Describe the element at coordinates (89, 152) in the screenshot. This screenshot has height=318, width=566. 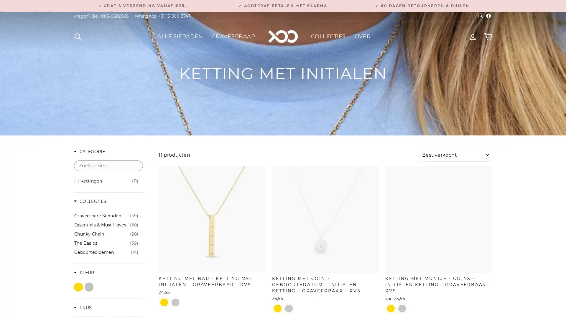
I see `Filter by Categorie` at that location.